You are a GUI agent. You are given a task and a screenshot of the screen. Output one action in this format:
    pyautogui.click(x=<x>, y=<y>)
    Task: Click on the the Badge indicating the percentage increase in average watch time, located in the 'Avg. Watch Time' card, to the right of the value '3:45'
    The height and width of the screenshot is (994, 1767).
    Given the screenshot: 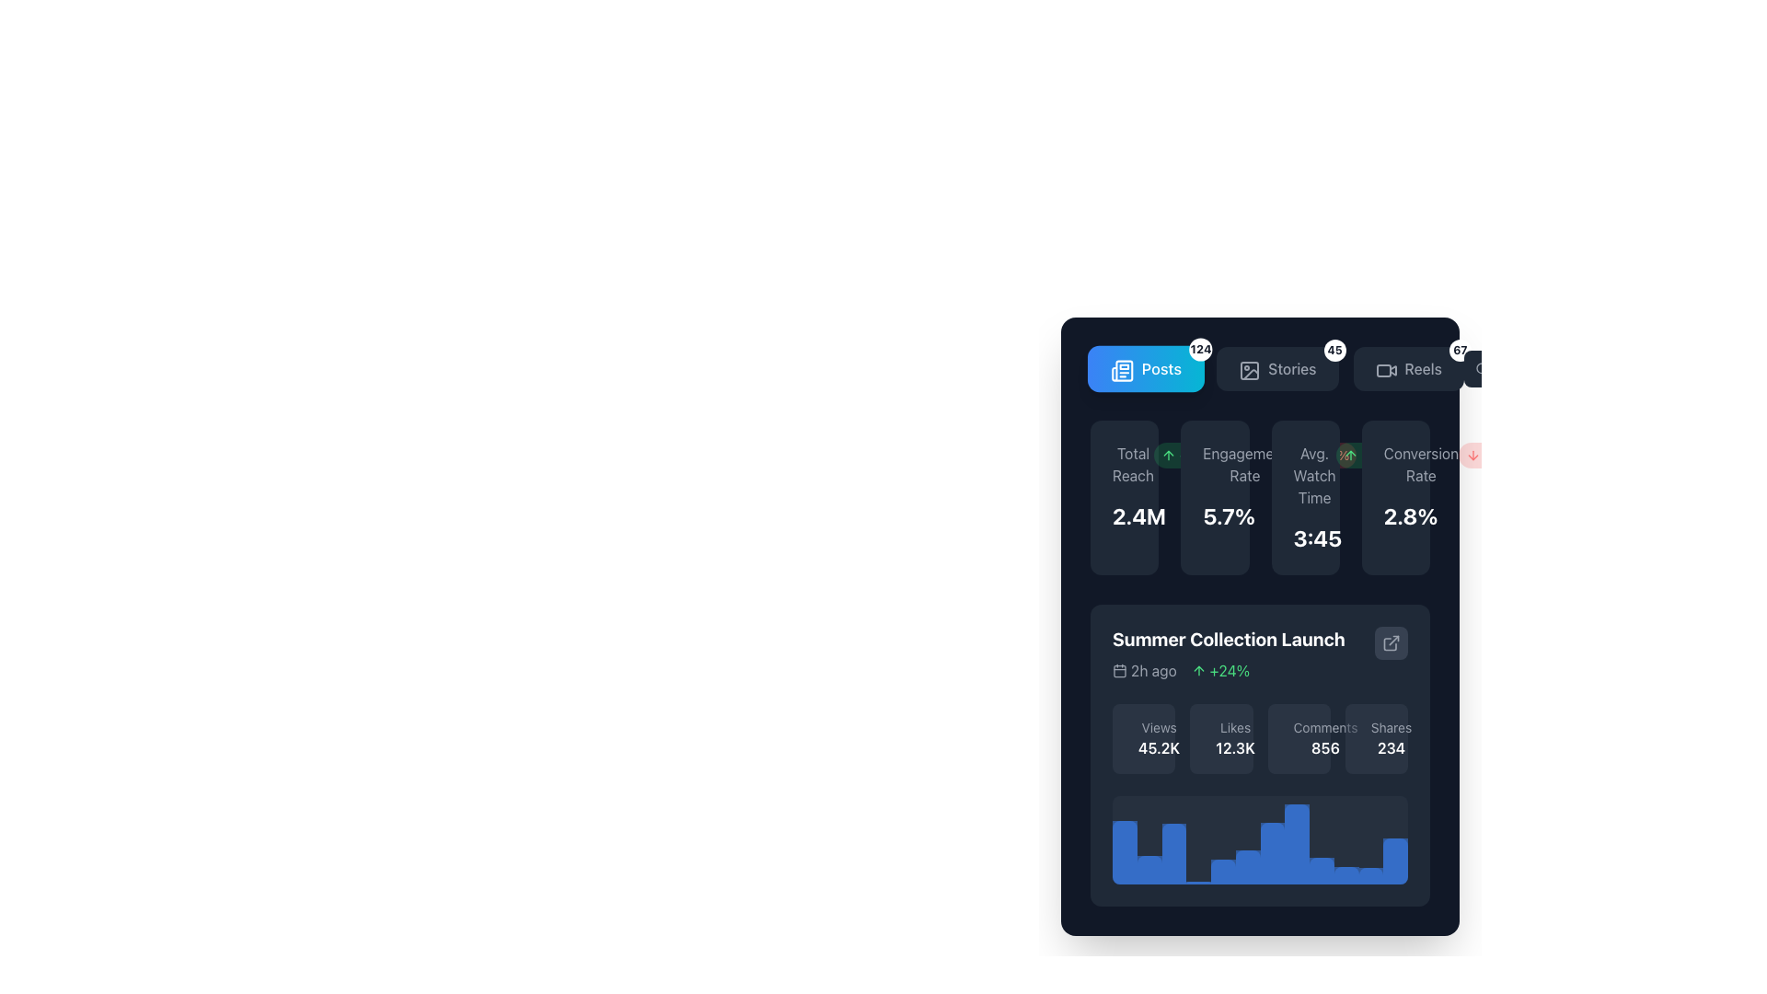 What is the action you would take?
    pyautogui.click(x=1374, y=455)
    